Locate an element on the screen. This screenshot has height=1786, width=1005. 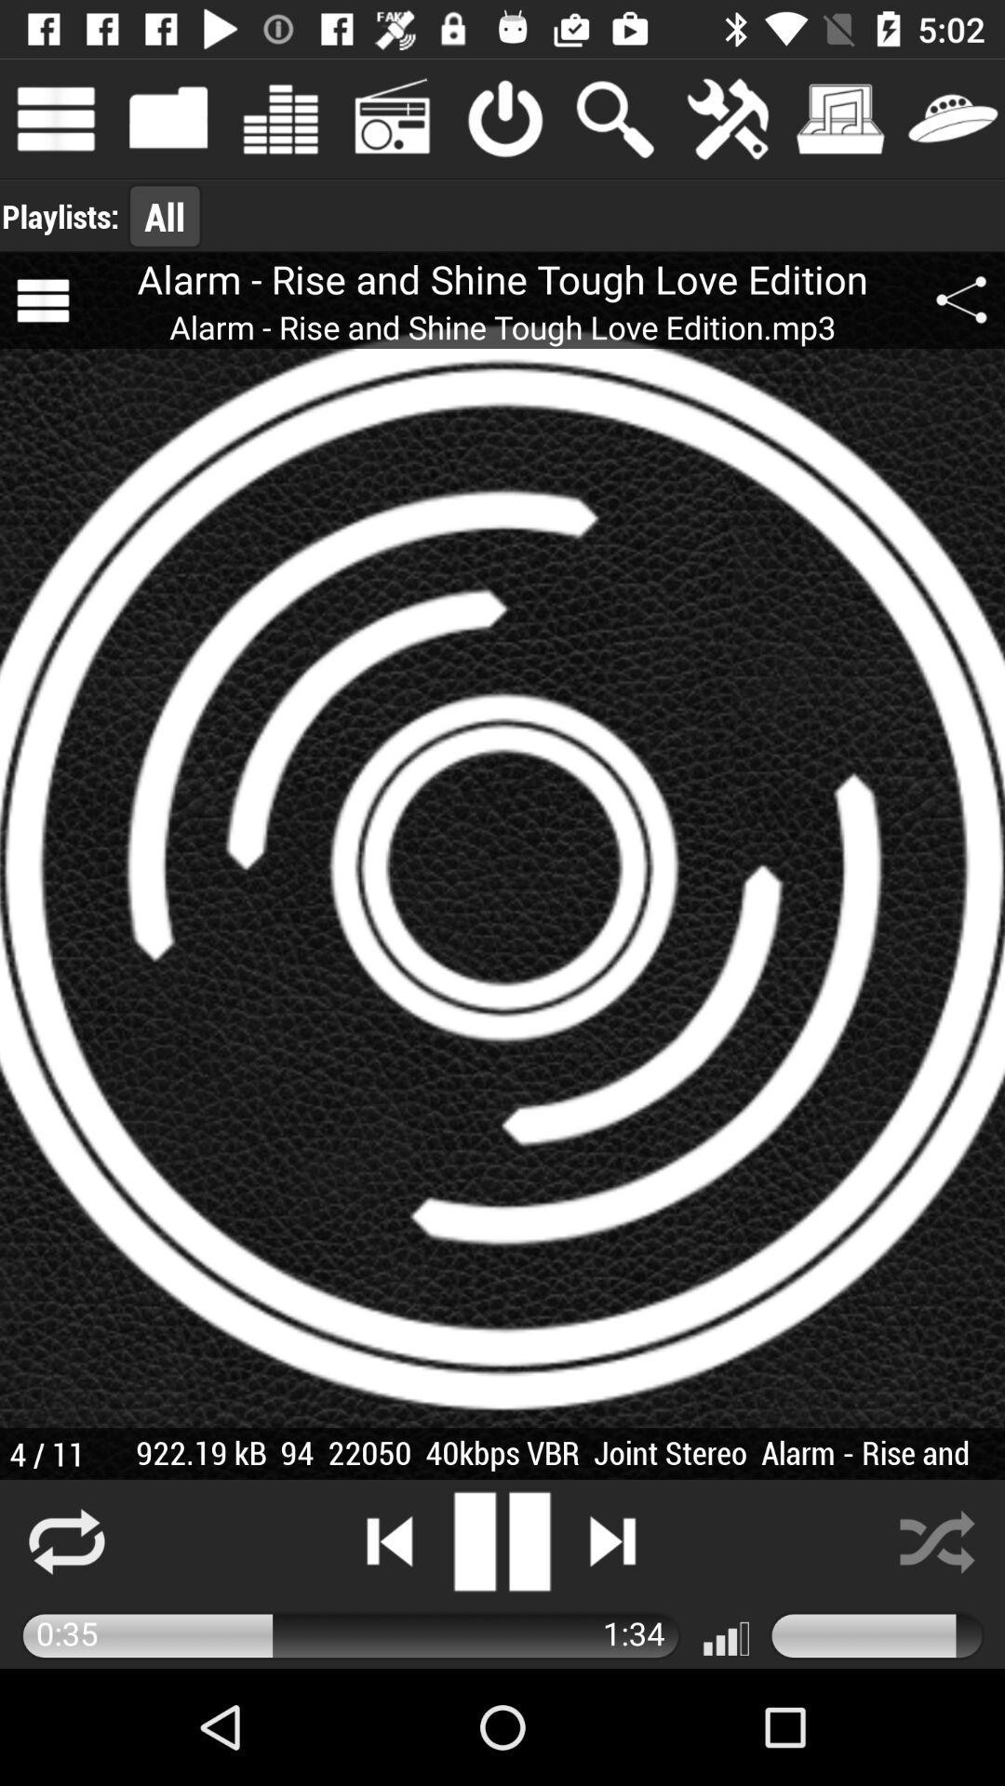
the icon to the right of playlists: app is located at coordinates (164, 216).